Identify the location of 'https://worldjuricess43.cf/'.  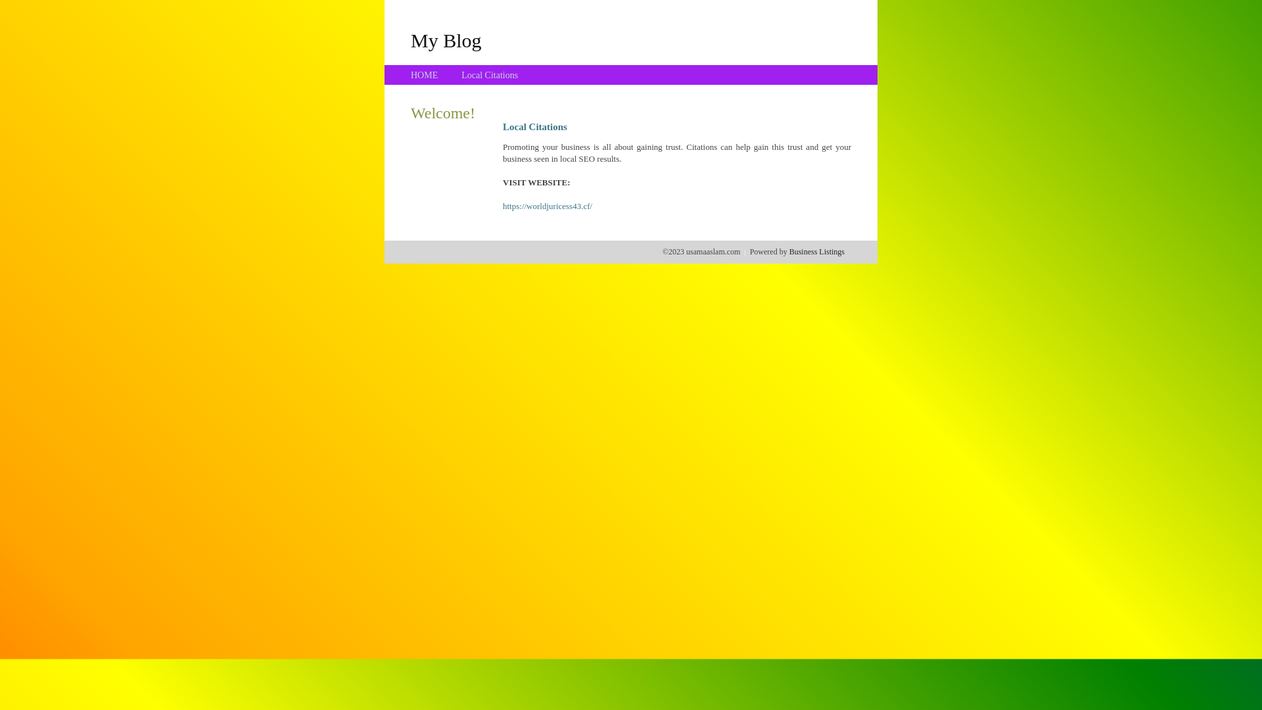
(502, 206).